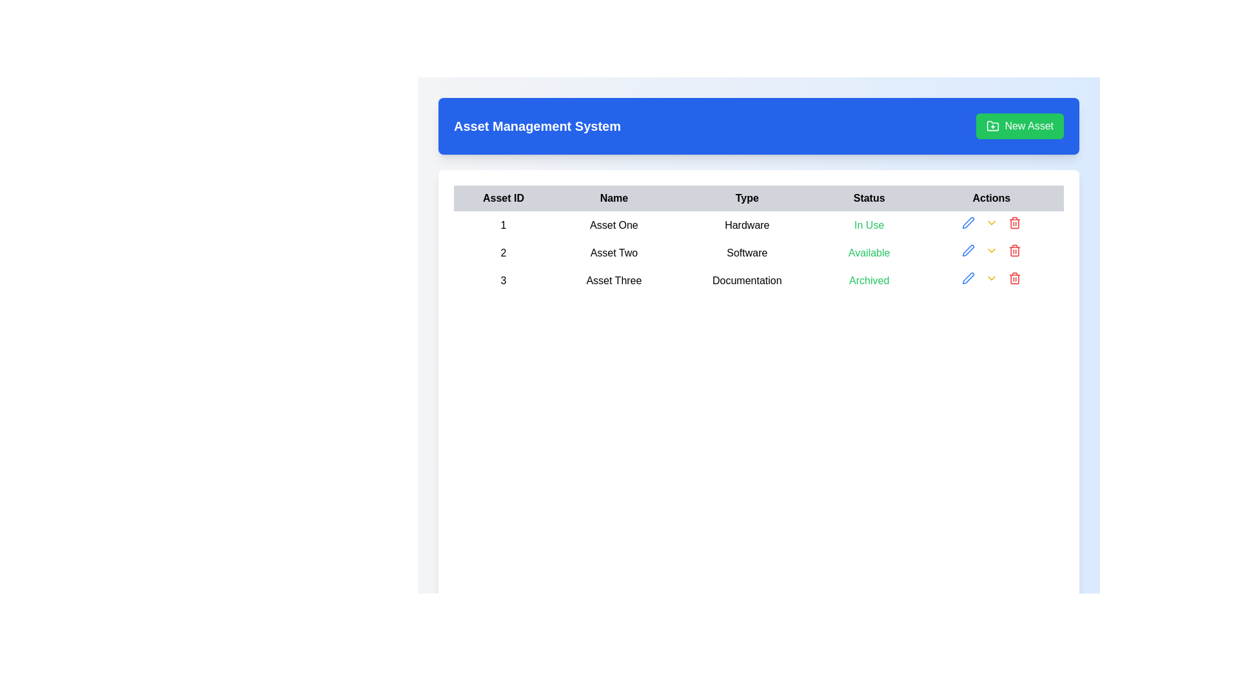 The image size is (1238, 696). What do you see at coordinates (1014, 223) in the screenshot?
I see `the vertical portion of the trash bin icon, which is the second component of the SVG group under the Actions column of the third row in the table` at bounding box center [1014, 223].